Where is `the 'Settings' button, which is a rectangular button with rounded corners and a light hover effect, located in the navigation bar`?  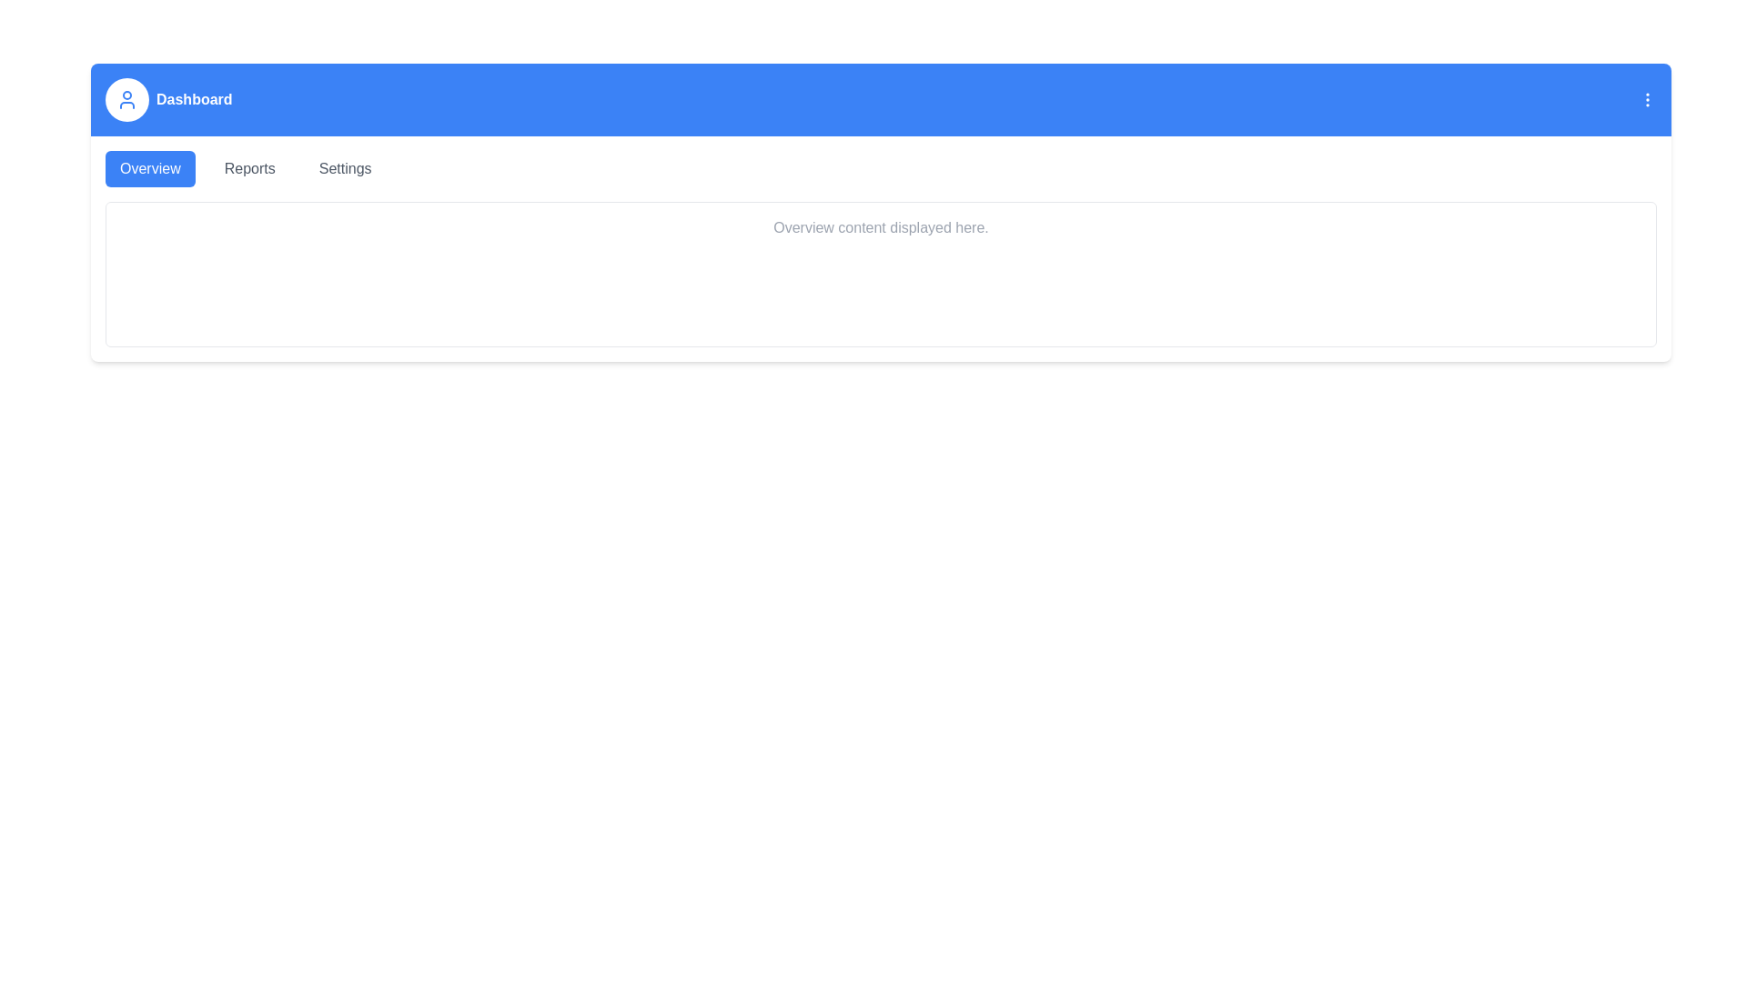
the 'Settings' button, which is a rectangular button with rounded corners and a light hover effect, located in the navigation bar is located at coordinates (345, 168).